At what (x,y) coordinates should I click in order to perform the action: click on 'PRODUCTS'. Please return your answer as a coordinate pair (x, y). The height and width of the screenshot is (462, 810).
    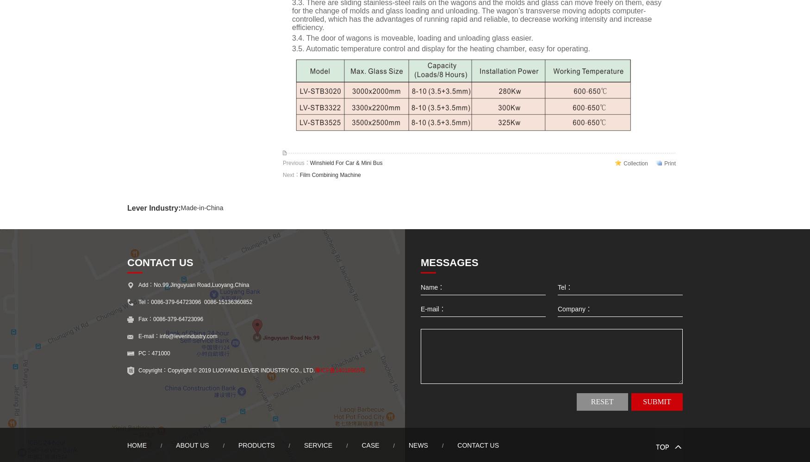
    Looking at the image, I should click on (256, 445).